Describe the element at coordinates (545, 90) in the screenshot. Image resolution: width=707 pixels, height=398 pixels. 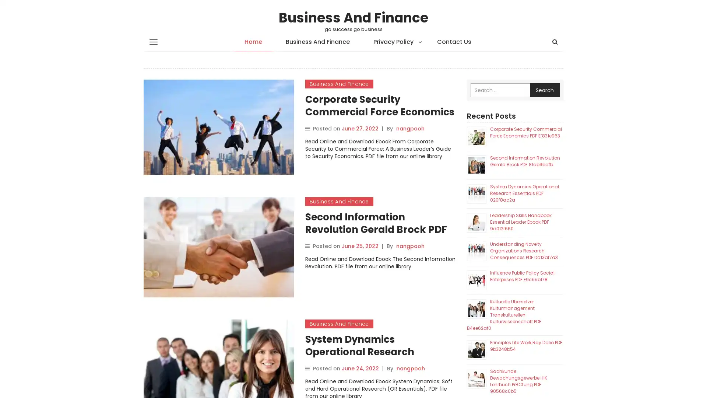
I see `Search` at that location.